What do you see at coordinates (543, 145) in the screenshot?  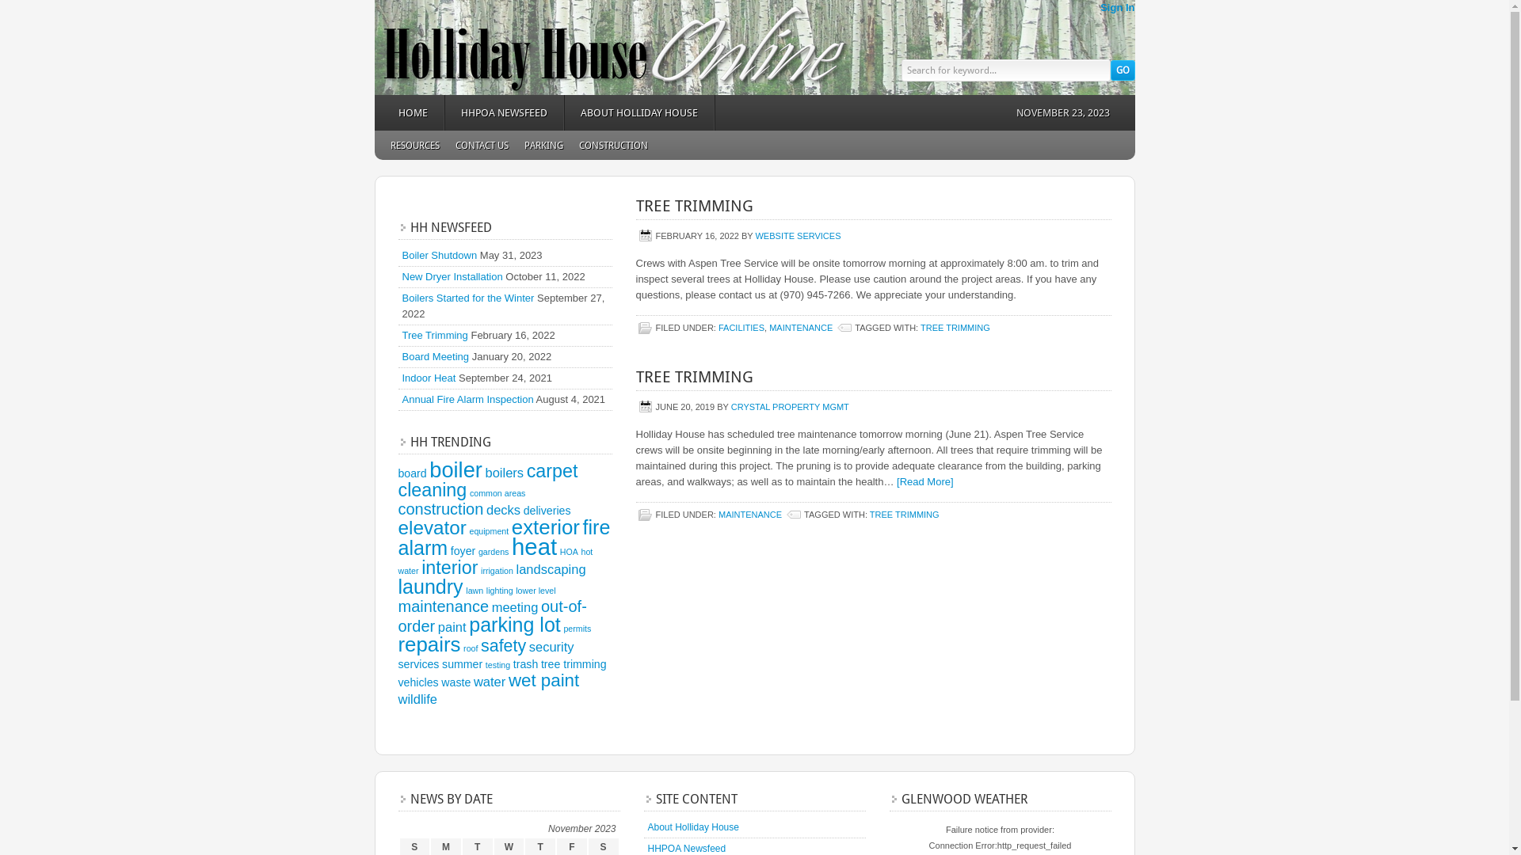 I see `'PARKING'` at bounding box center [543, 145].